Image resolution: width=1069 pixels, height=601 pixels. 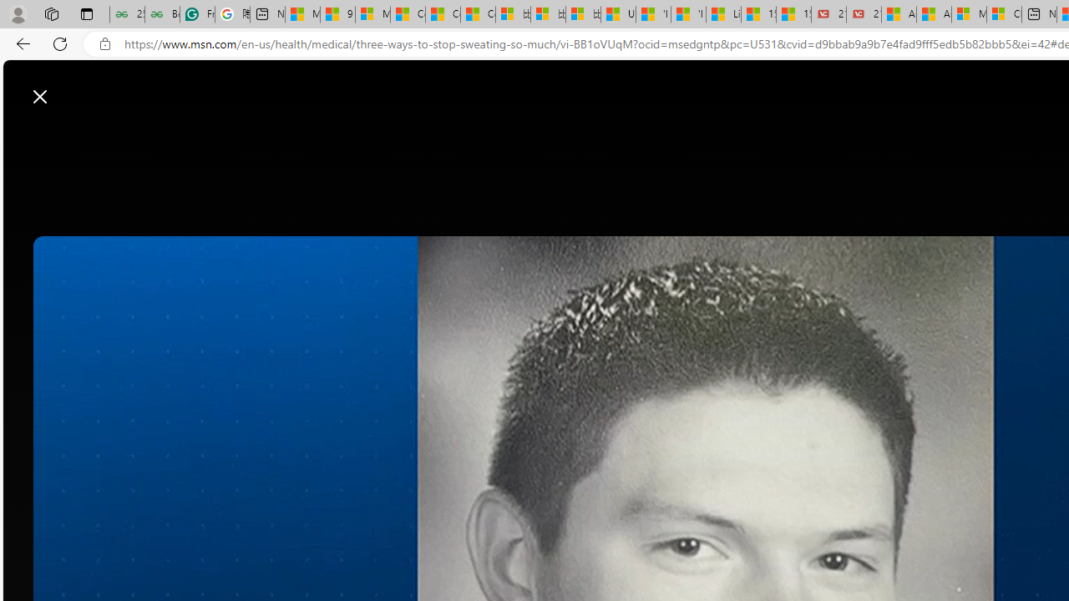 I want to click on 'Class: control icon-only', so click(x=40, y=96).